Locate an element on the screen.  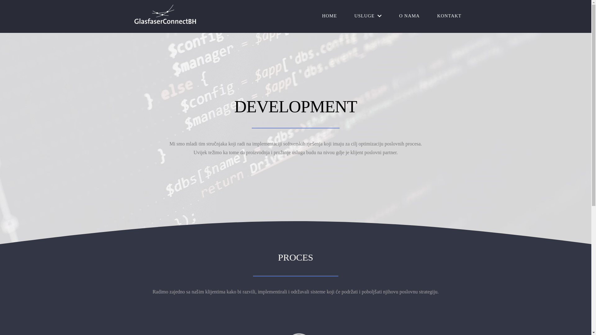
'KONTAKT' is located at coordinates (449, 15).